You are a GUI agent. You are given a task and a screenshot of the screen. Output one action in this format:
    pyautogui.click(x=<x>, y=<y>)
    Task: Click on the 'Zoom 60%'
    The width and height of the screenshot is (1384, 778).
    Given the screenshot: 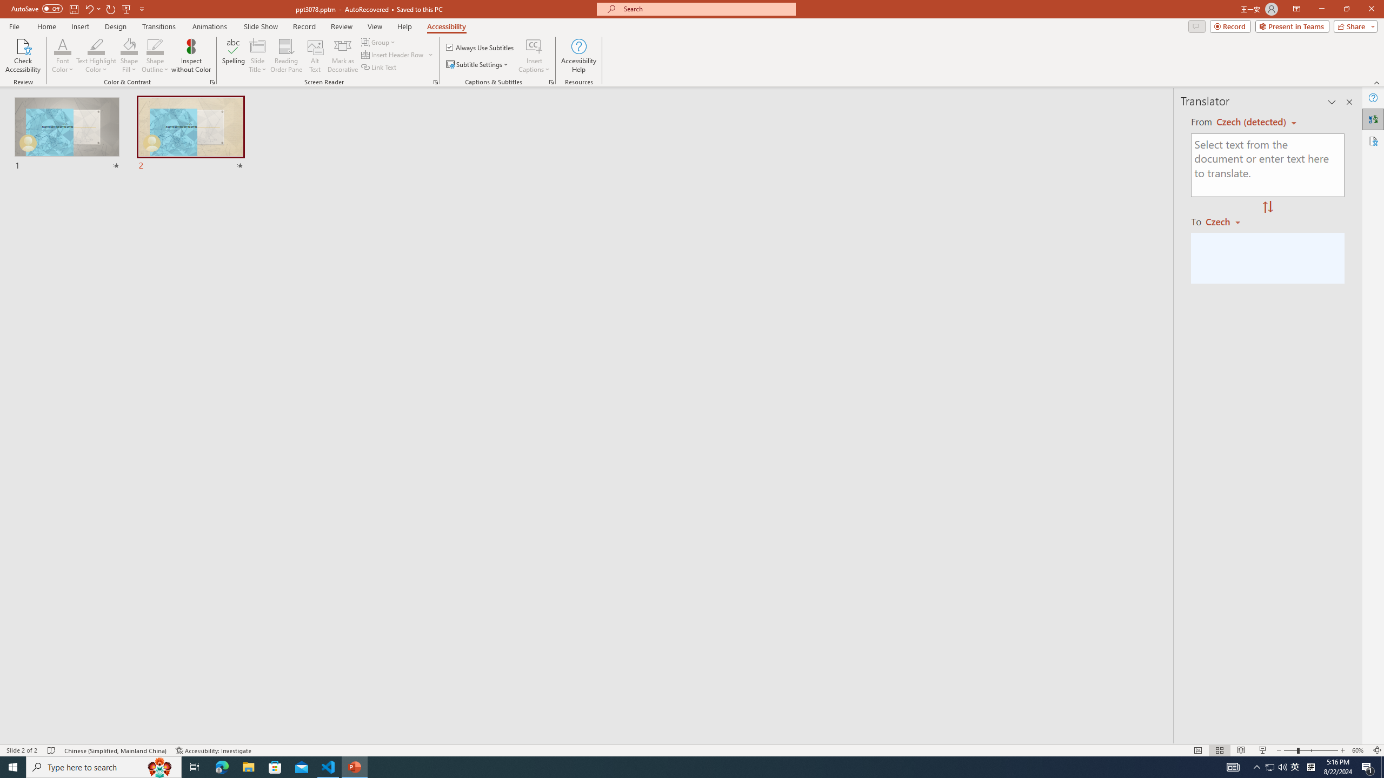 What is the action you would take?
    pyautogui.click(x=1360, y=750)
    